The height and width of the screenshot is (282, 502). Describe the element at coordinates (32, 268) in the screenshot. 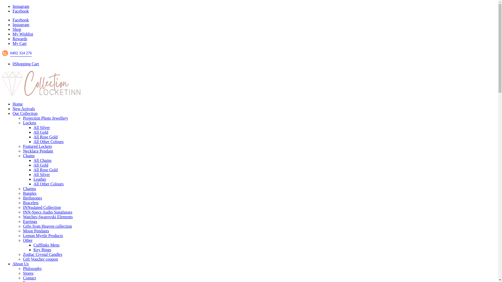

I see `'Philosophy'` at that location.